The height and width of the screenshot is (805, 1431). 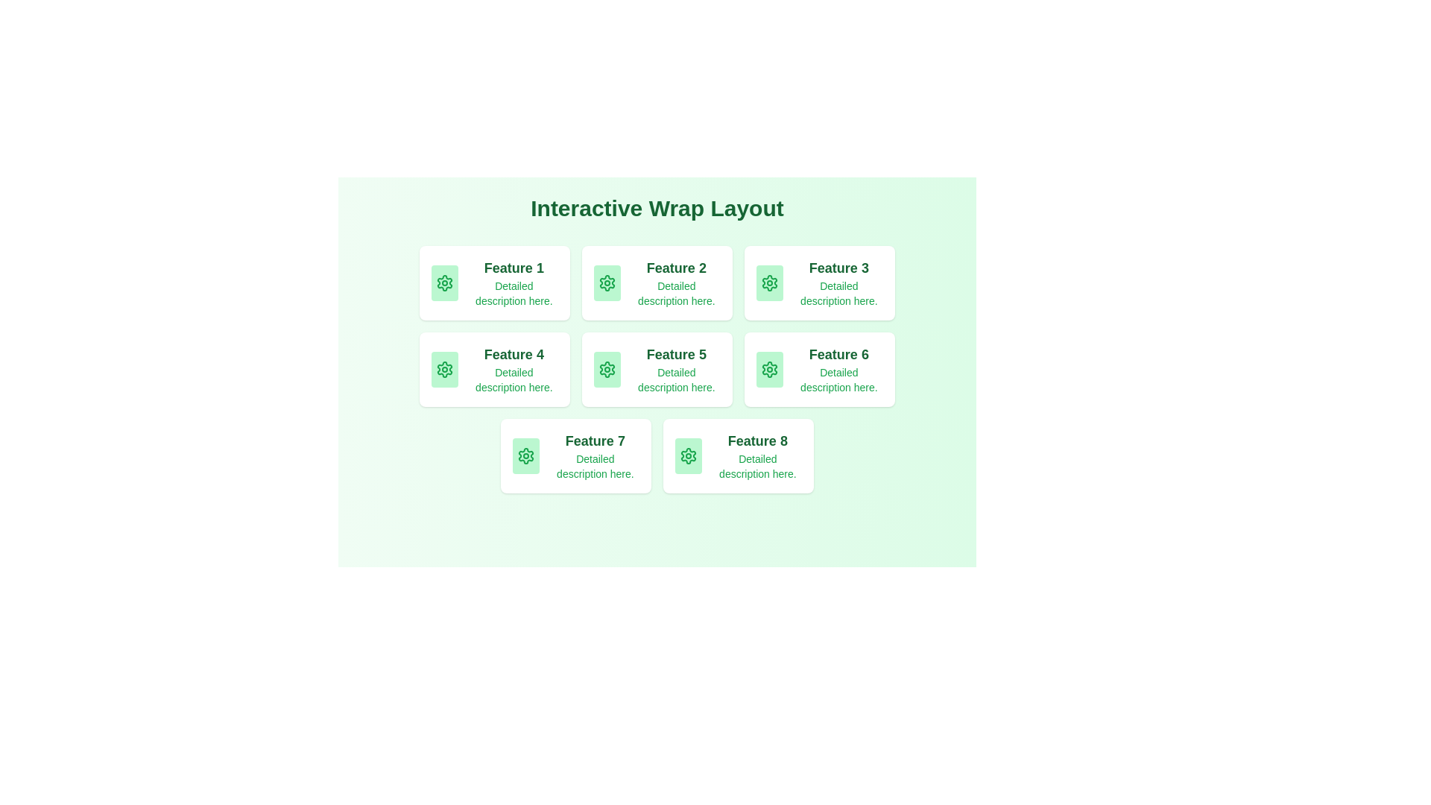 What do you see at coordinates (607, 283) in the screenshot?
I see `the center of the interactive settings icon for 'Feature 2' located in the second row, second column of the grid layout` at bounding box center [607, 283].